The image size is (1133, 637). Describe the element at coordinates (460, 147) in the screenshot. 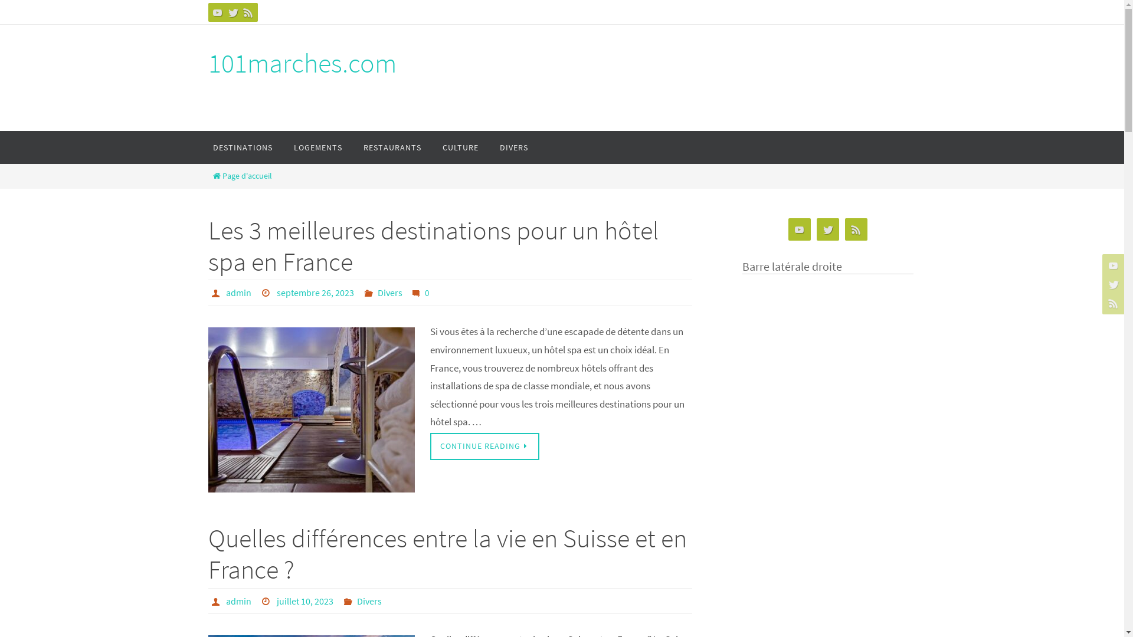

I see `'CULTURE'` at that location.